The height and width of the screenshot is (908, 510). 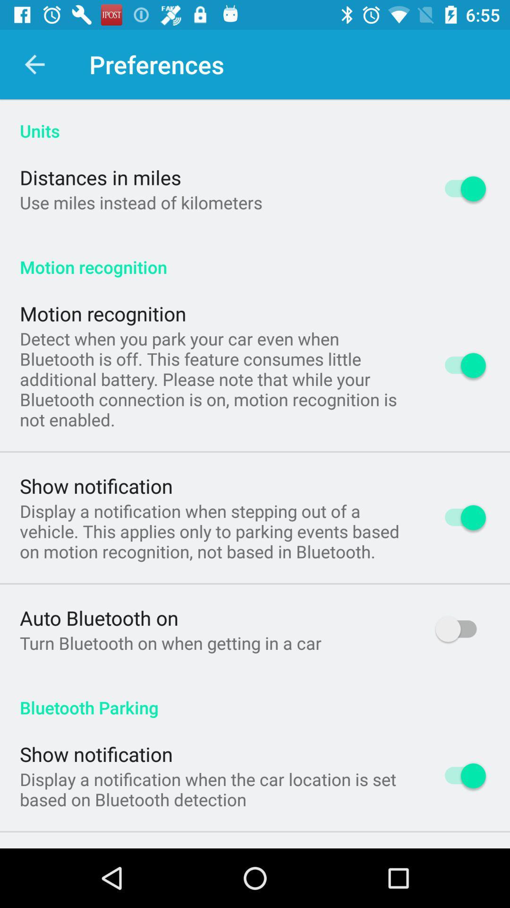 I want to click on app below motion recognition icon, so click(x=215, y=379).